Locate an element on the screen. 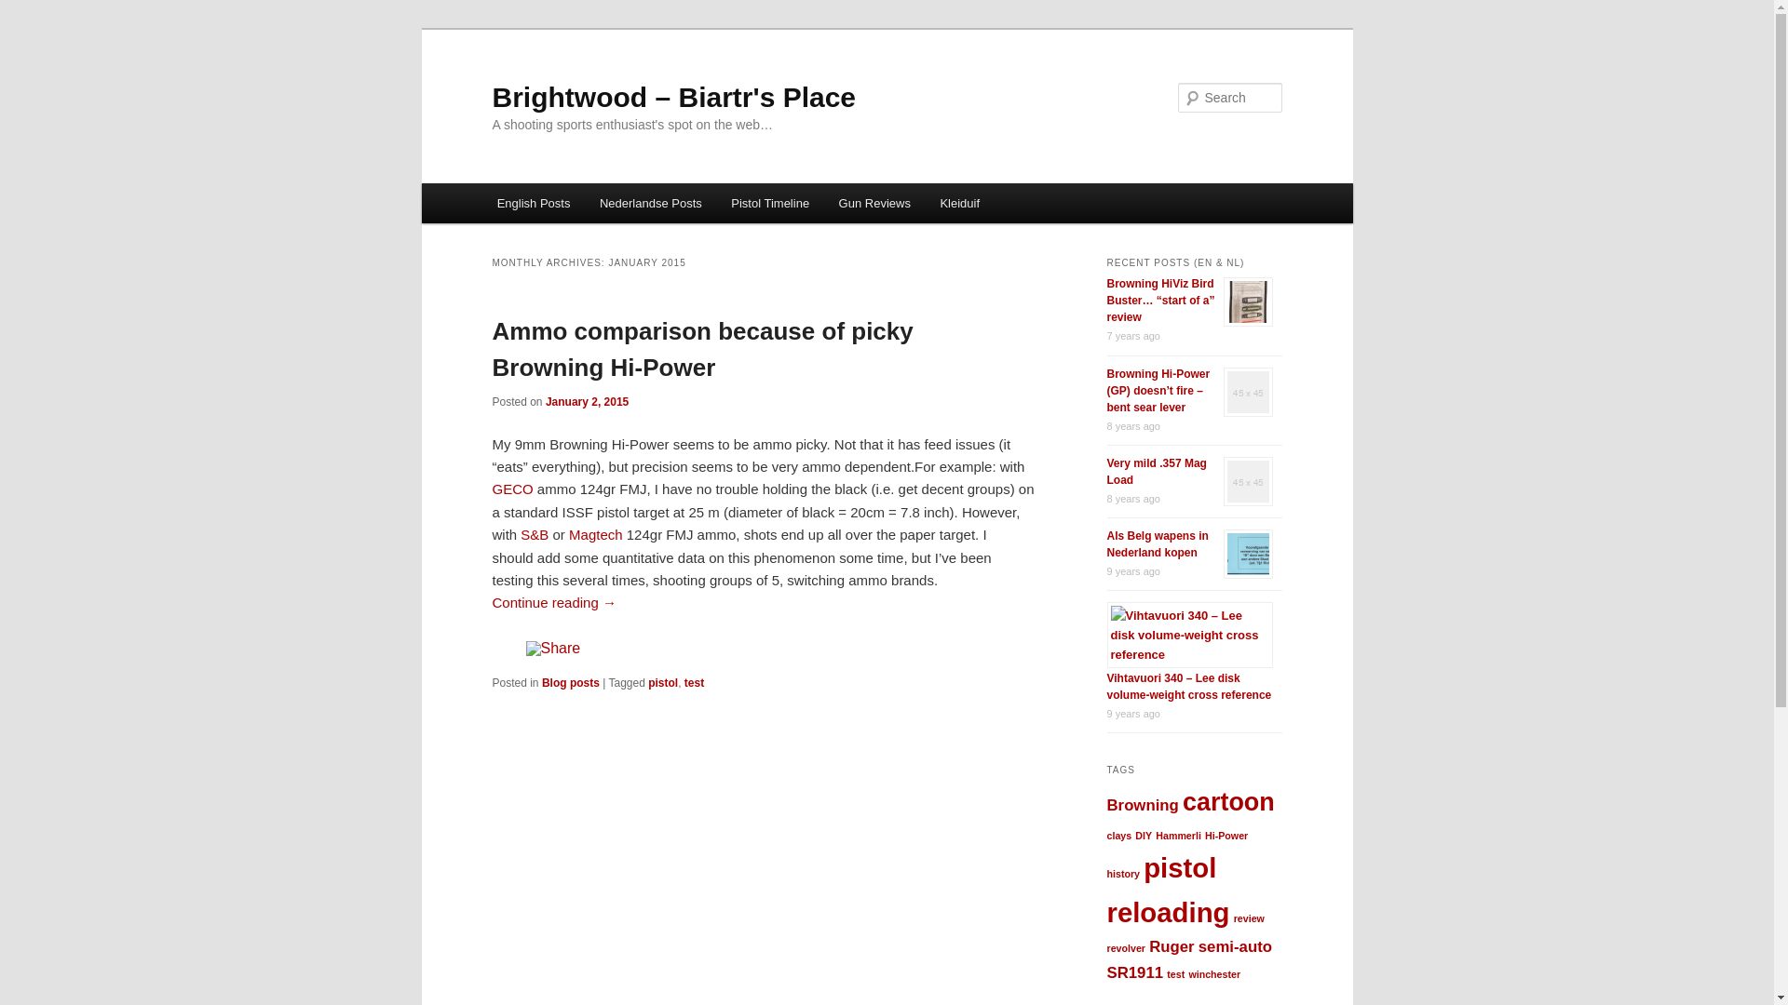 This screenshot has width=1788, height=1005. 'SR1911' is located at coordinates (1133, 971).